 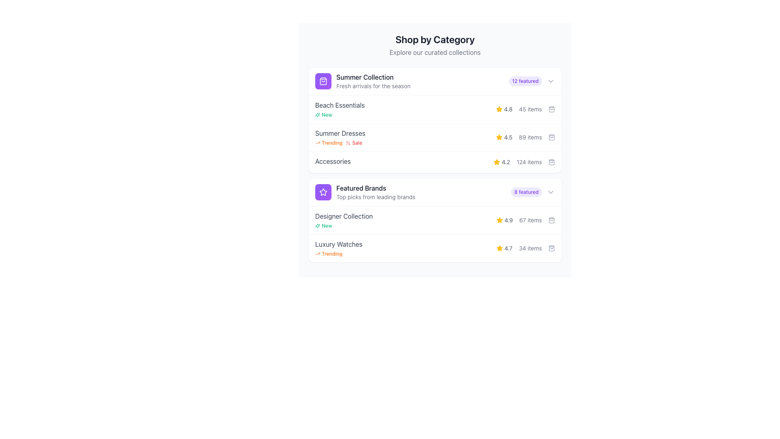 I want to click on the numeric text label displaying '4.8', which is styled in gray and located to the right of an amber star icon, indicating a rating system, so click(x=508, y=109).